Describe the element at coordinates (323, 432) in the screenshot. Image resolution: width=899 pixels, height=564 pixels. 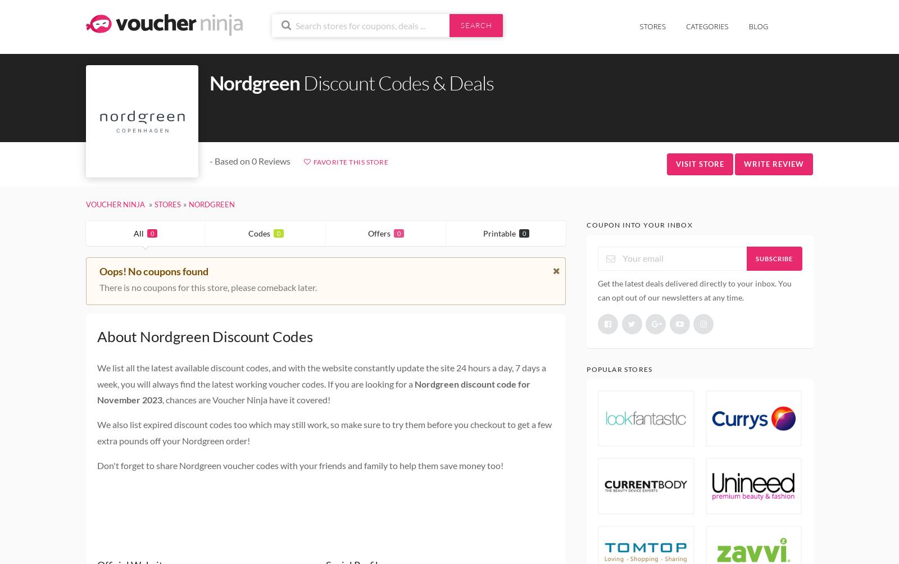
I see `'We also list expired discount codes too which may still work, so make sure to try them before you checkout to get a few extra pounds off your Nordgreen order!'` at that location.